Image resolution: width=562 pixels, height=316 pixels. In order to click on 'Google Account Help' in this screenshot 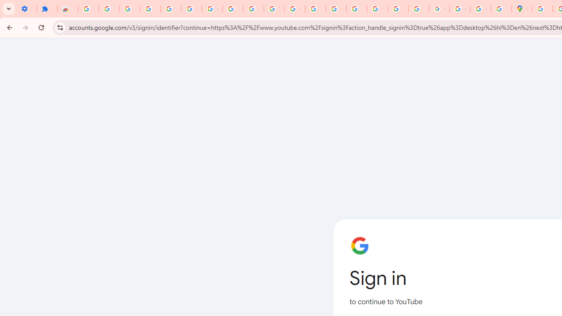, I will do `click(191, 9)`.